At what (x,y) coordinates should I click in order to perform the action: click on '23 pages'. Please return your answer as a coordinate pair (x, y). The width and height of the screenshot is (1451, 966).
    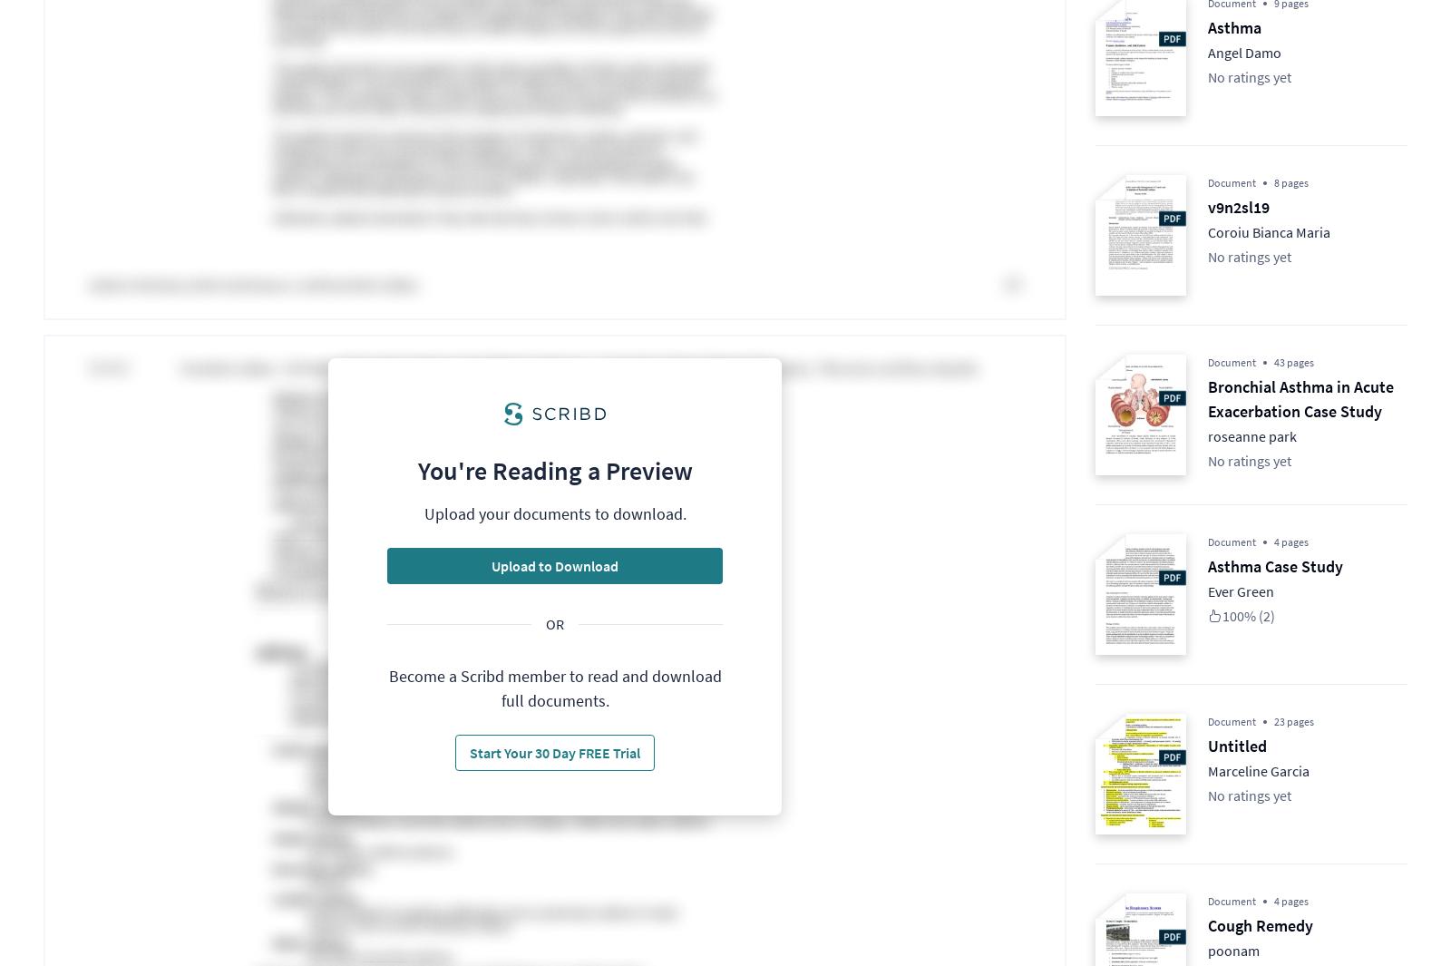
    Looking at the image, I should click on (1294, 721).